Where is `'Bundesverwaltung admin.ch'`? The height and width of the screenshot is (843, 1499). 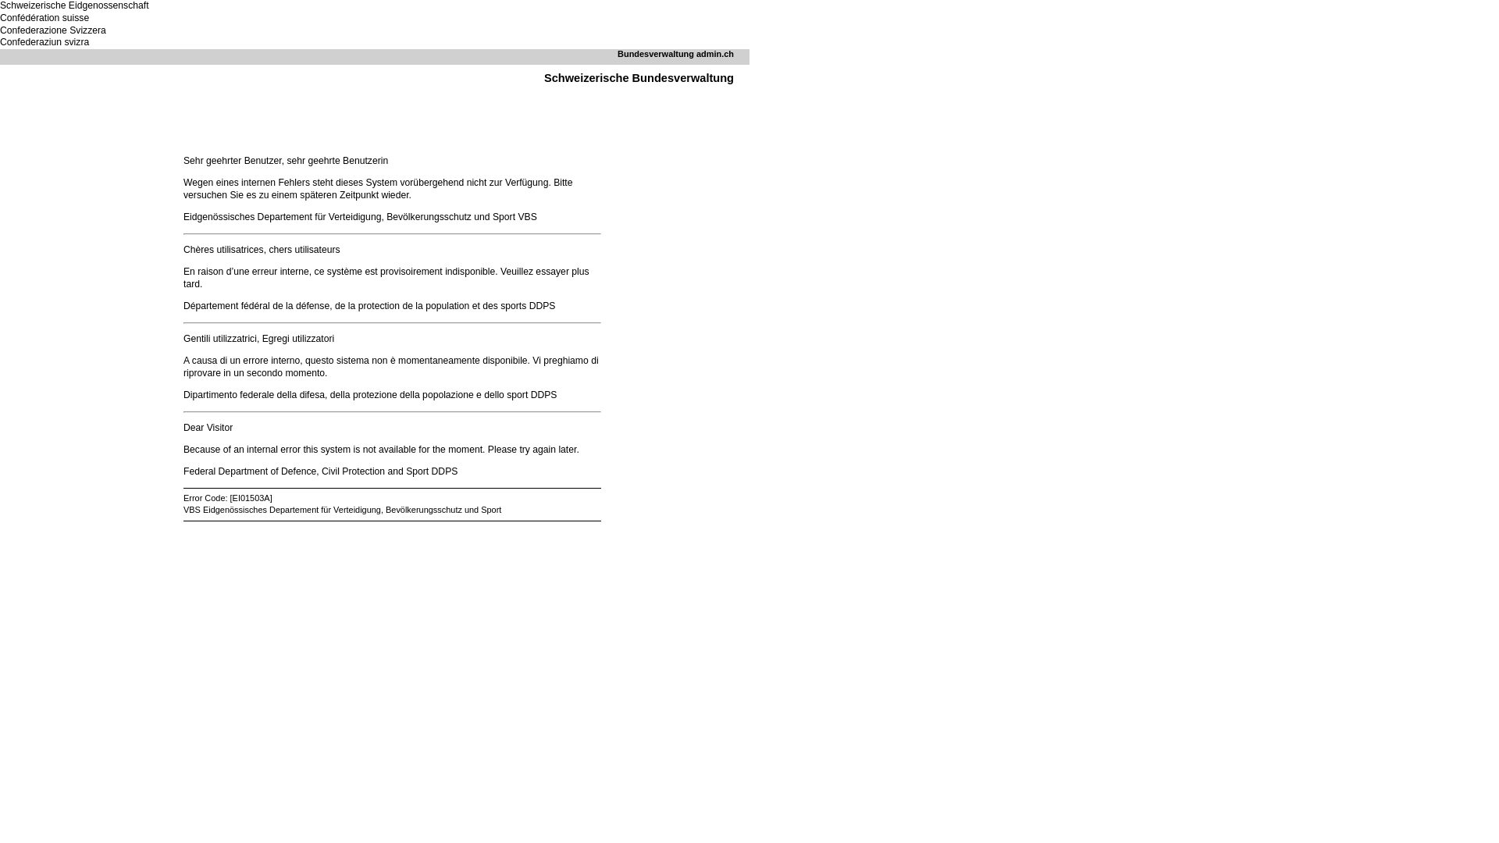
'Bundesverwaltung admin.ch' is located at coordinates (675, 53).